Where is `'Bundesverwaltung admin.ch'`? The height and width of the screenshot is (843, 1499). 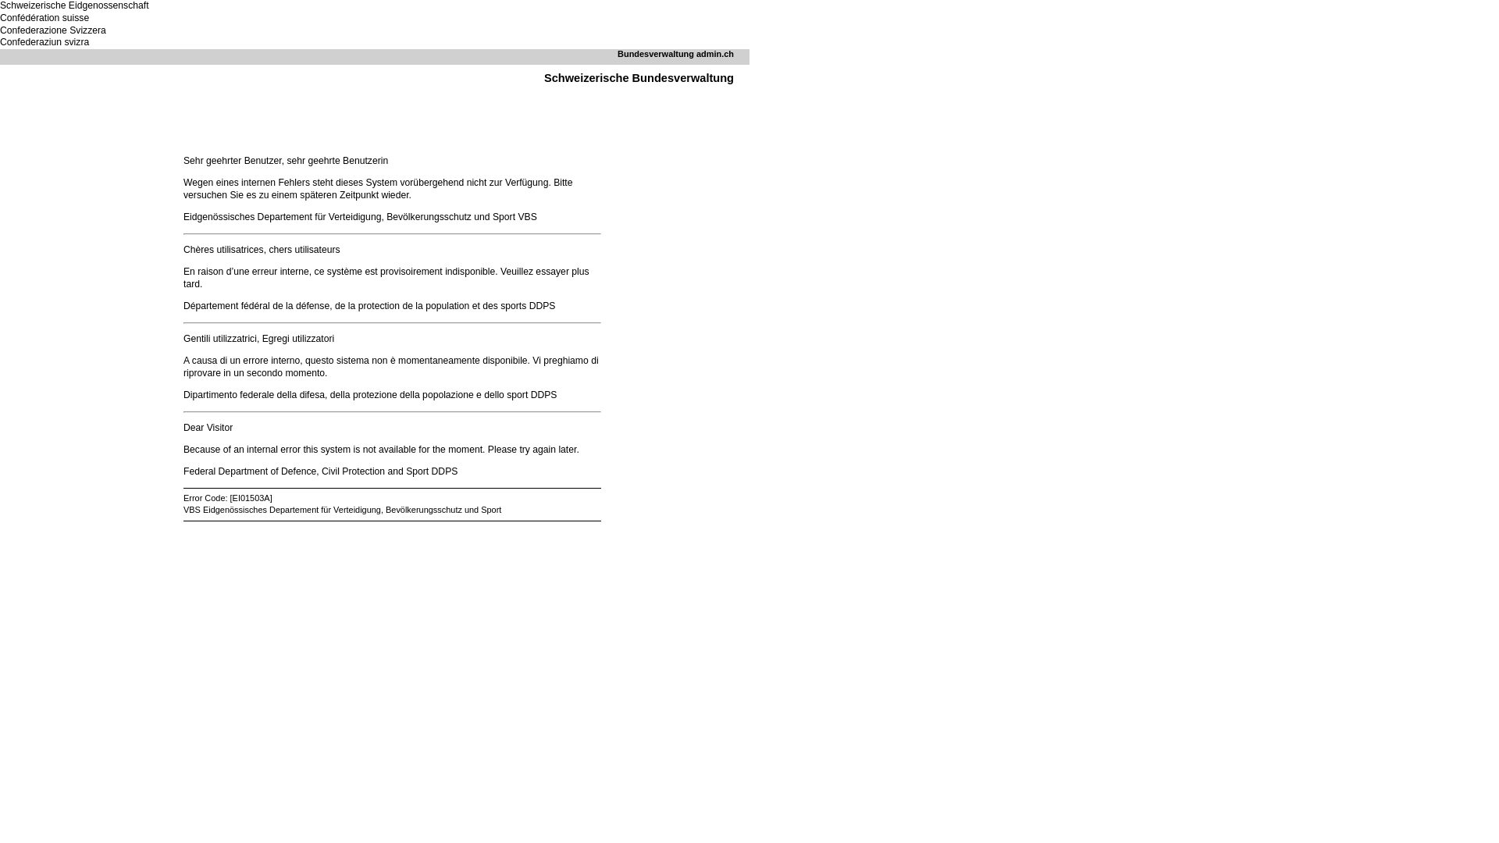
'Bundesverwaltung admin.ch' is located at coordinates (675, 53).